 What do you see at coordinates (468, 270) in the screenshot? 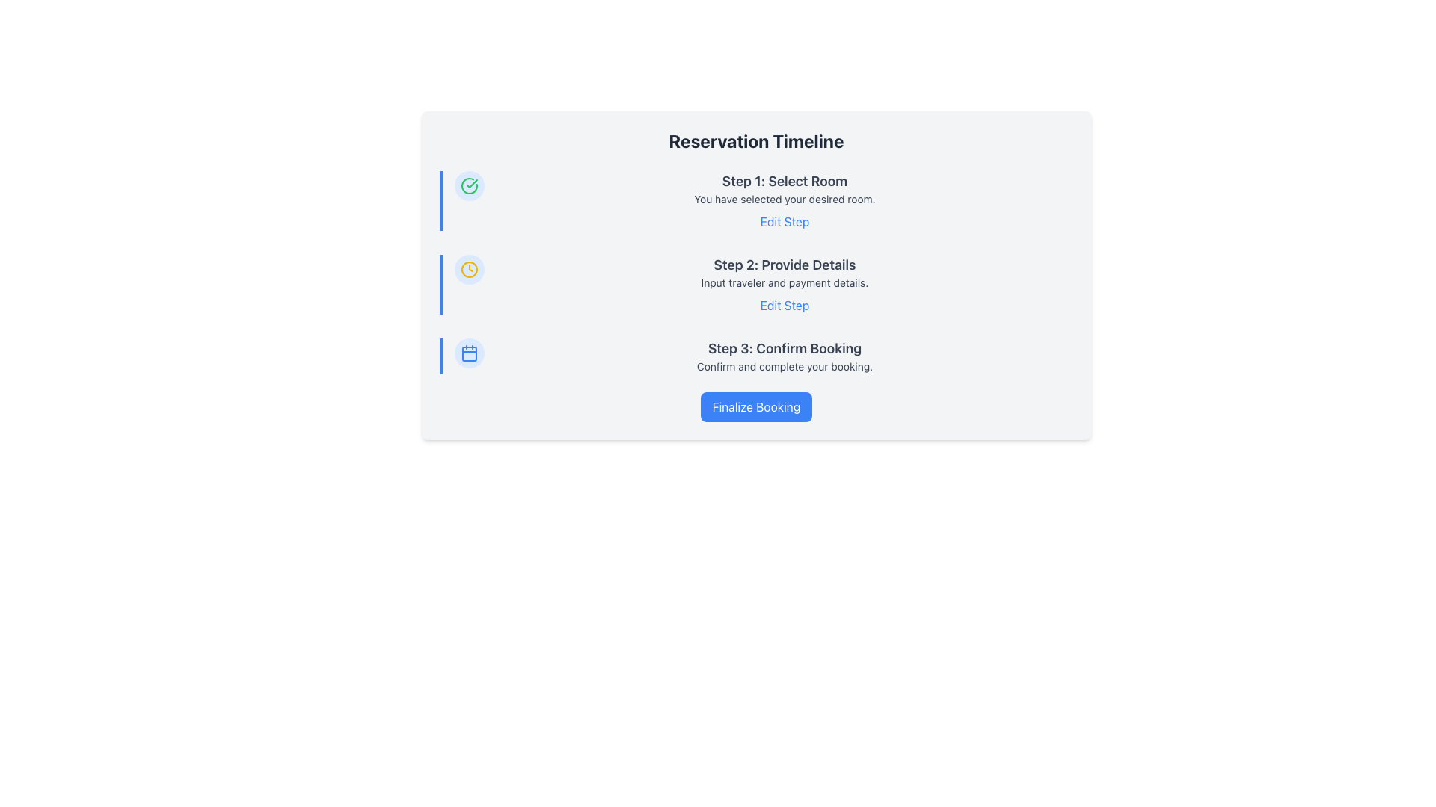
I see `the central circle of the clock icon located to the left of the 'Step 2: Provide Details' section in the interface` at bounding box center [468, 270].